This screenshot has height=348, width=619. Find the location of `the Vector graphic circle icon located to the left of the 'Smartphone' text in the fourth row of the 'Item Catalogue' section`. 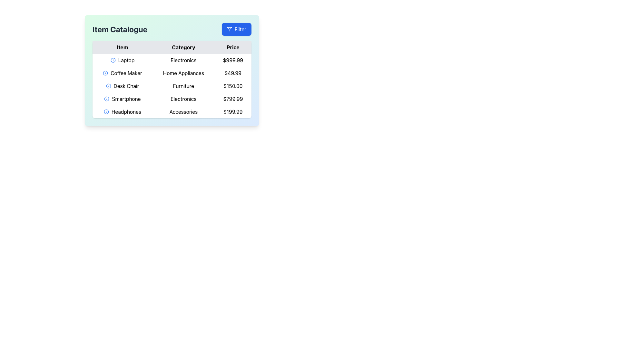

the Vector graphic circle icon located to the left of the 'Smartphone' text in the fourth row of the 'Item Catalogue' section is located at coordinates (107, 99).